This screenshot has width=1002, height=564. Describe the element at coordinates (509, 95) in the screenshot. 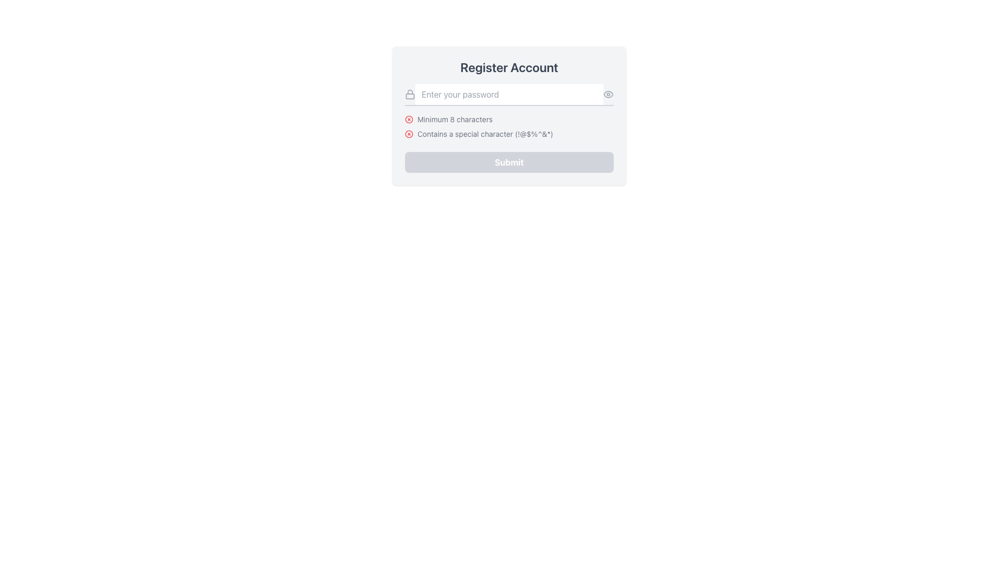

I see `the Password Input Field located in the 'Register Account' form` at that location.